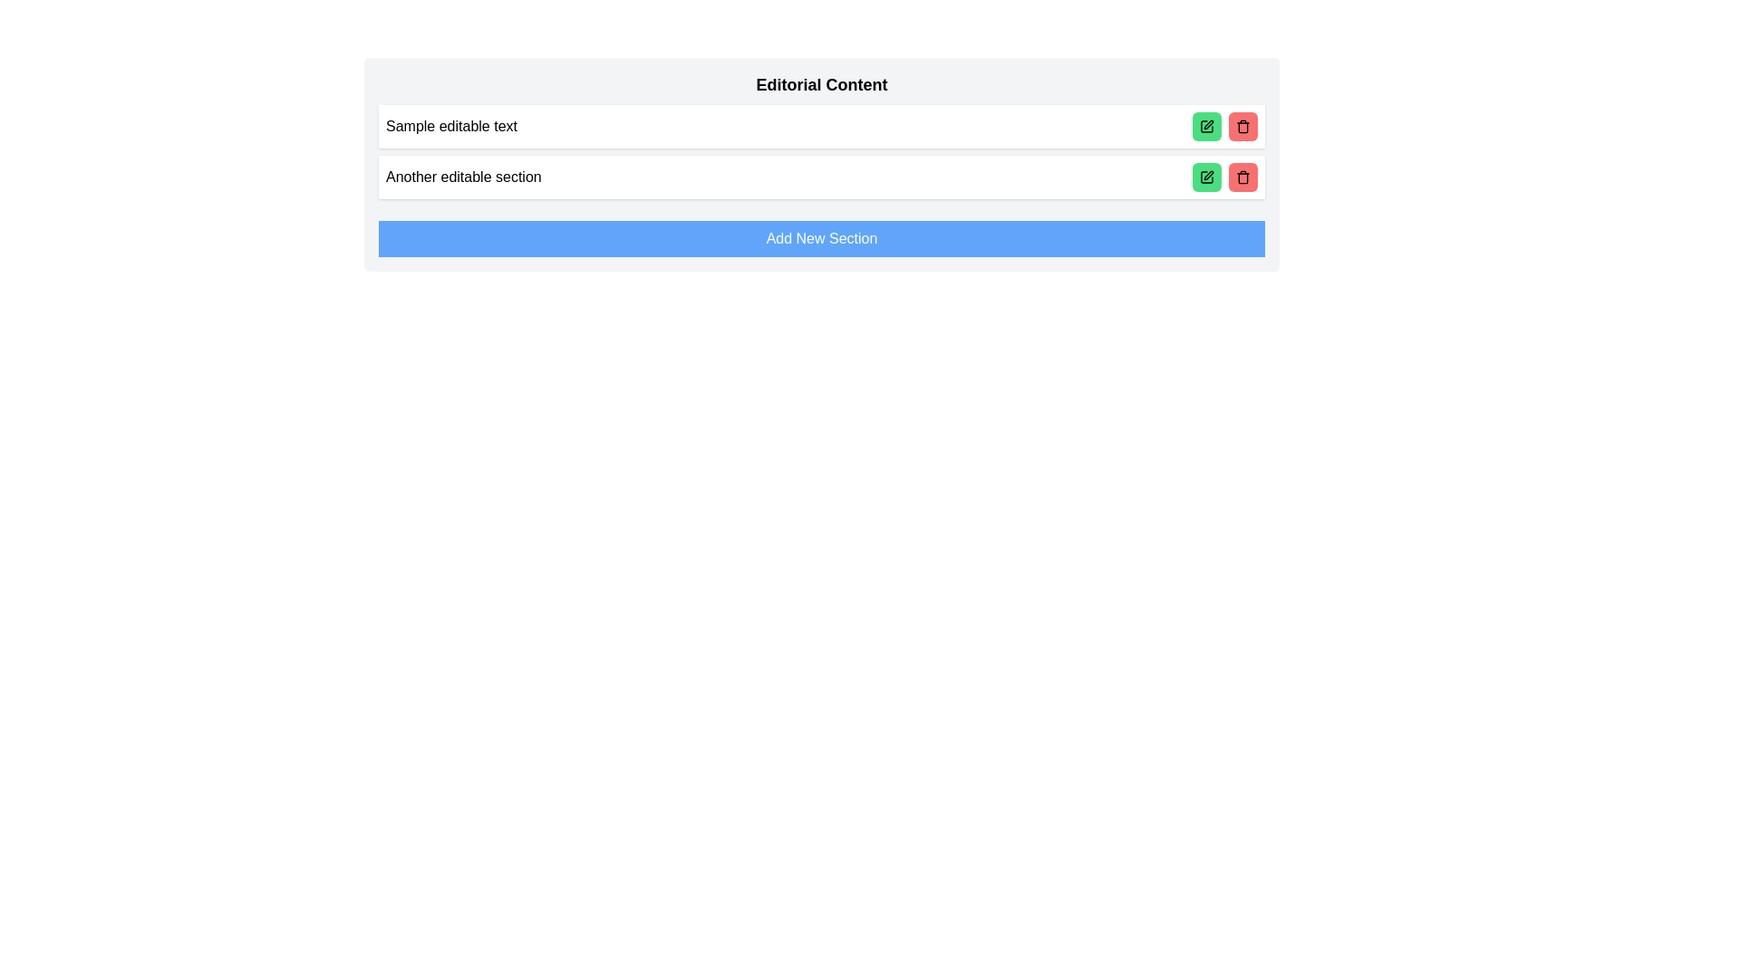  What do you see at coordinates (1206, 177) in the screenshot?
I see `the editing button located in the second row labeled 'Another editable section' by` at bounding box center [1206, 177].